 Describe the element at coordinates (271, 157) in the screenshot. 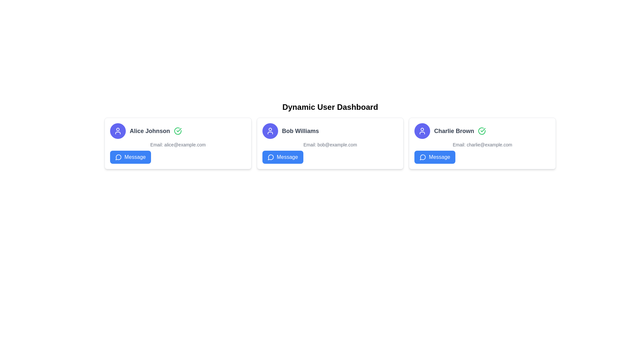

I see `the message icon for 'Bob Williams', which is located directly above the 'Message' label in the center column of the dashboard interface` at that location.